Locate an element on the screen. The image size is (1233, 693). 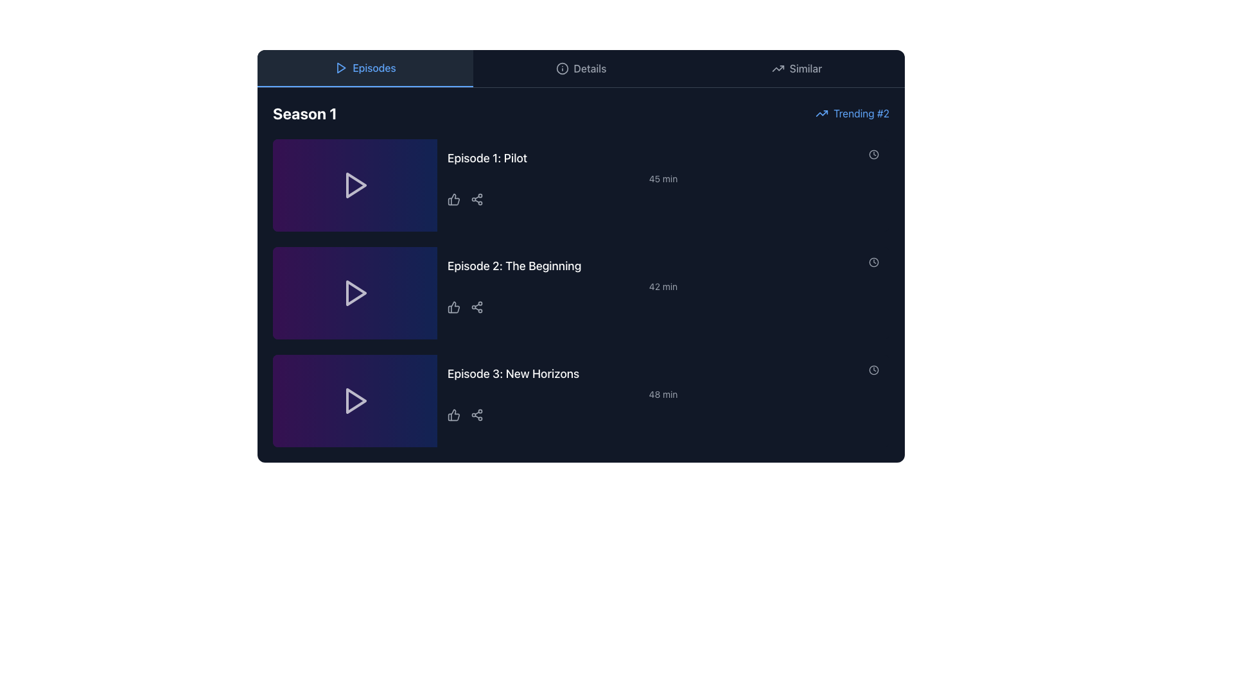
and interact with the inner circular graphical element of the clock icon, which is centrally positioned within its SVG component is located at coordinates (873, 153).